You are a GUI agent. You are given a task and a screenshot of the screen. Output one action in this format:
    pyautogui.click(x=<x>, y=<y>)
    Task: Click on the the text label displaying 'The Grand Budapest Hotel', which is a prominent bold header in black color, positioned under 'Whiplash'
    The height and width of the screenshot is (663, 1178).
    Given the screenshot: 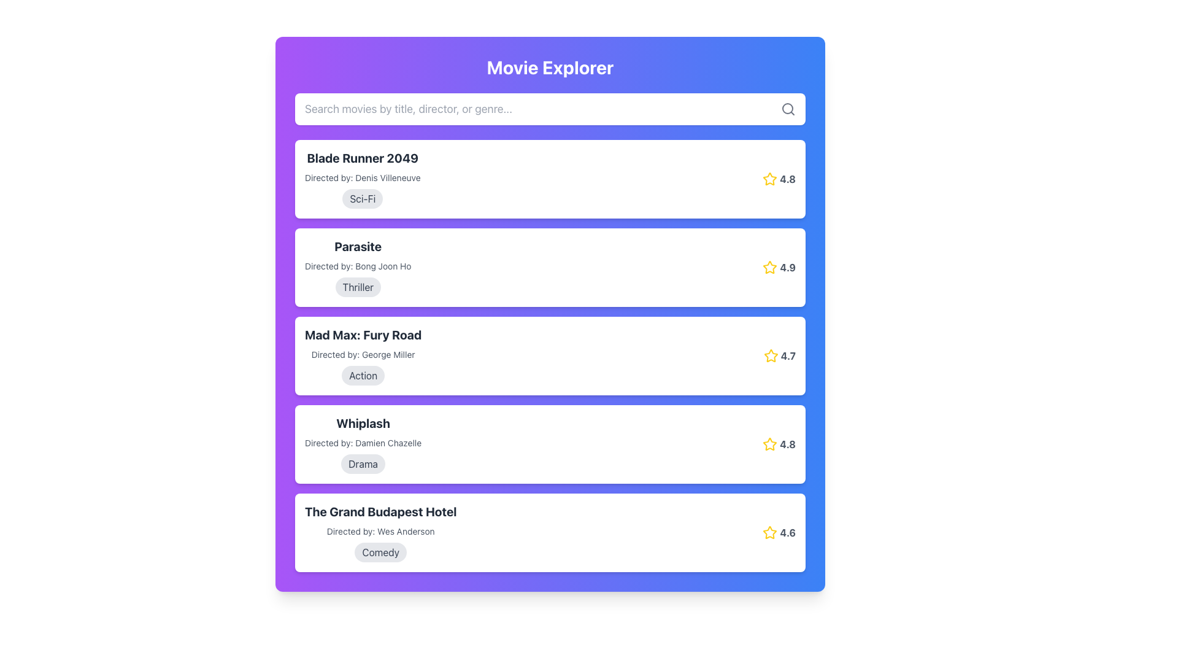 What is the action you would take?
    pyautogui.click(x=380, y=511)
    